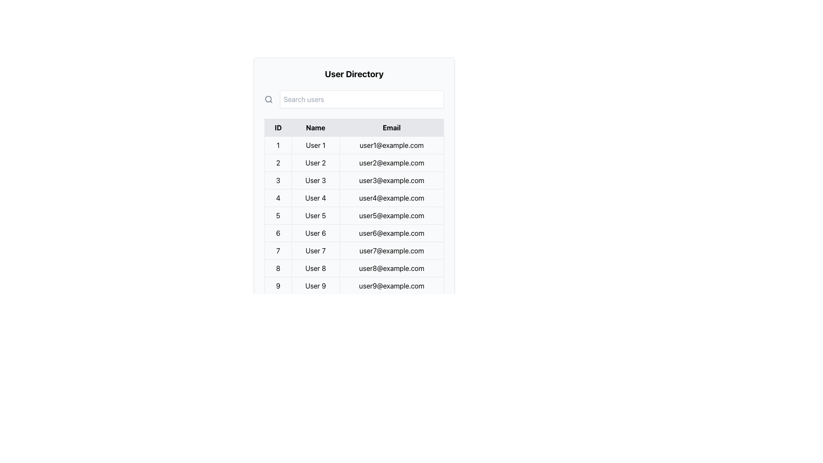  Describe the element at coordinates (391, 127) in the screenshot. I see `the 'Email' header cell in the user directory table to sort the column` at that location.